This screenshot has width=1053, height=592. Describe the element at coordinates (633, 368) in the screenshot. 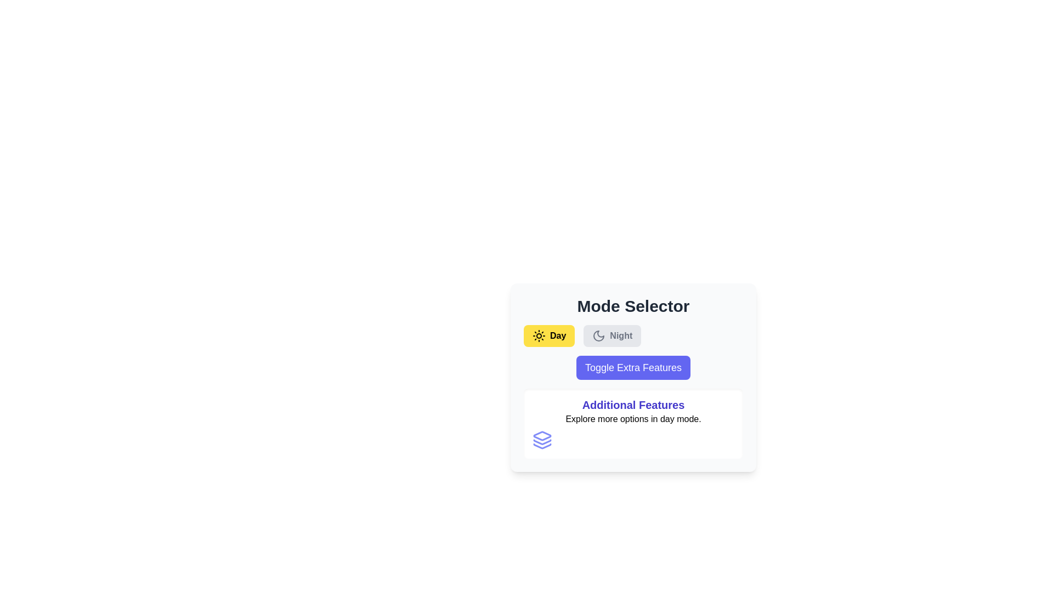

I see `the 'Toggle Extra Features' button with a blue background and white text` at that location.